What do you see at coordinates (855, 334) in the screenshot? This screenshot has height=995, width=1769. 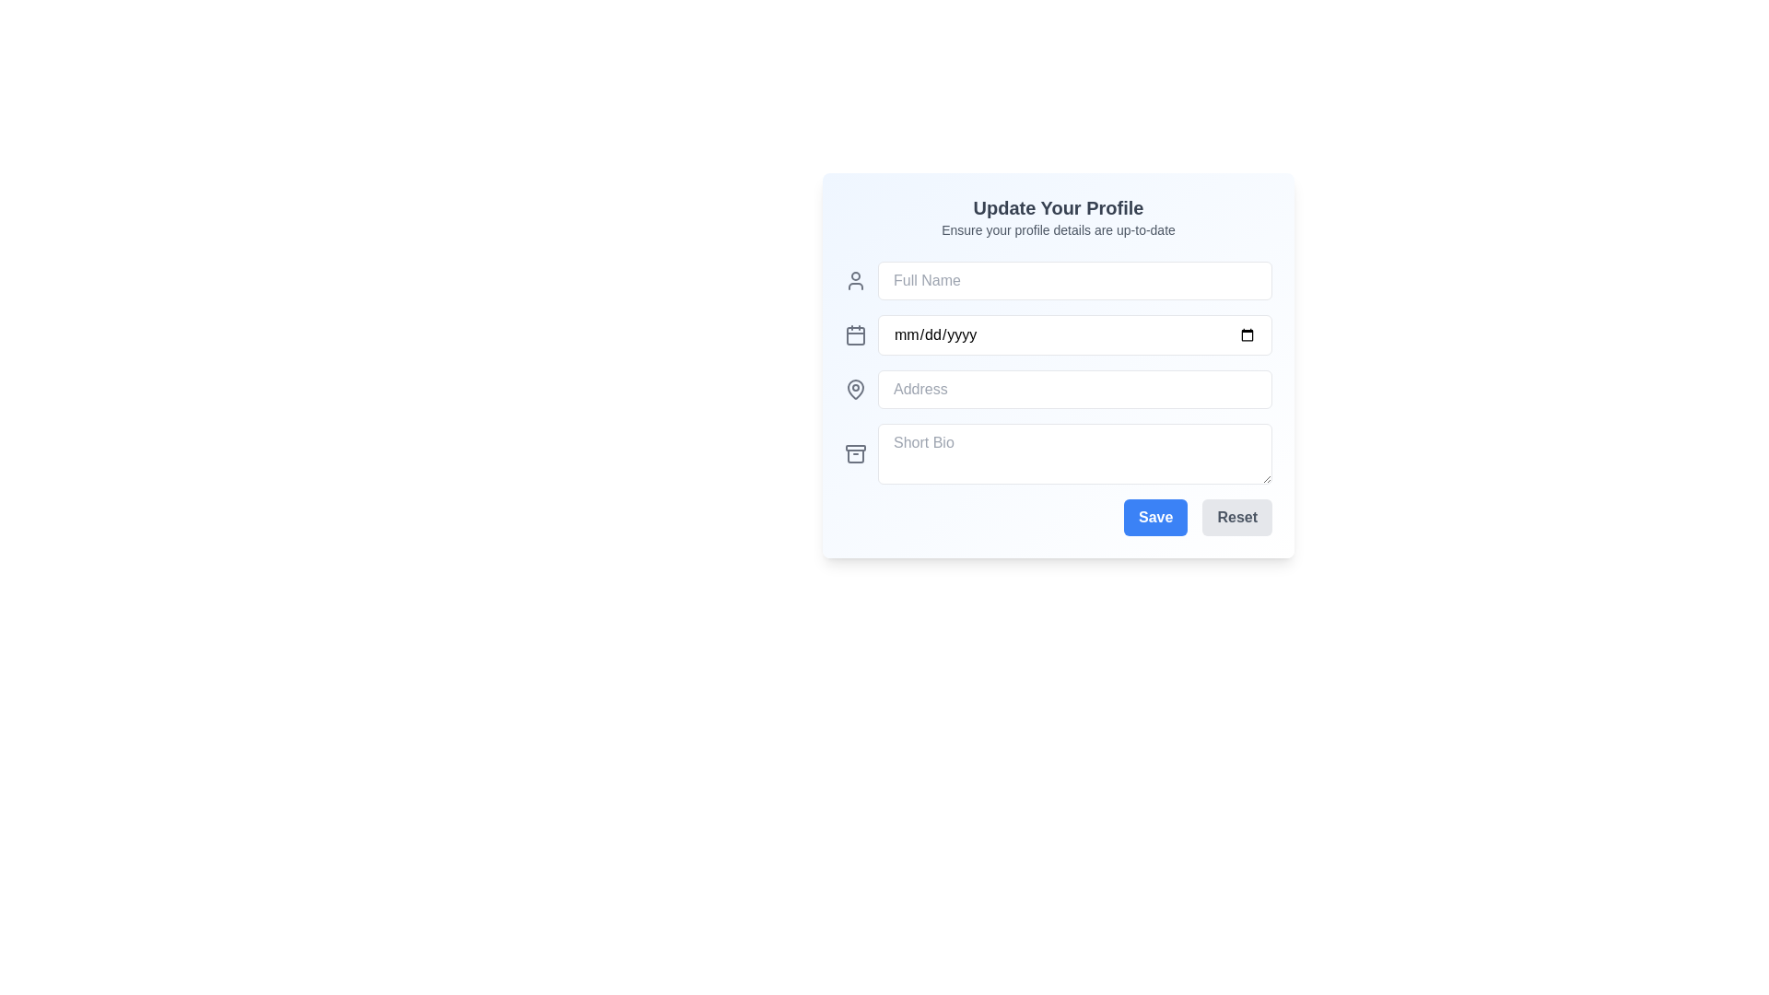 I see `the calendar icon, which is a grayish box shape with two vertical lines at the top, located to the left of the 'mm/dd/yyyy' date input field` at bounding box center [855, 334].